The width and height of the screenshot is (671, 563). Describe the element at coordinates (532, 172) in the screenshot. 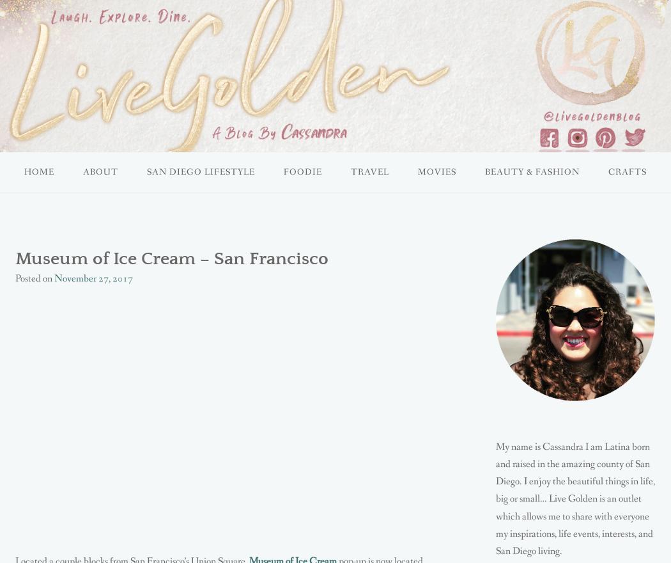

I see `'BEAUTY & FASHION'` at that location.